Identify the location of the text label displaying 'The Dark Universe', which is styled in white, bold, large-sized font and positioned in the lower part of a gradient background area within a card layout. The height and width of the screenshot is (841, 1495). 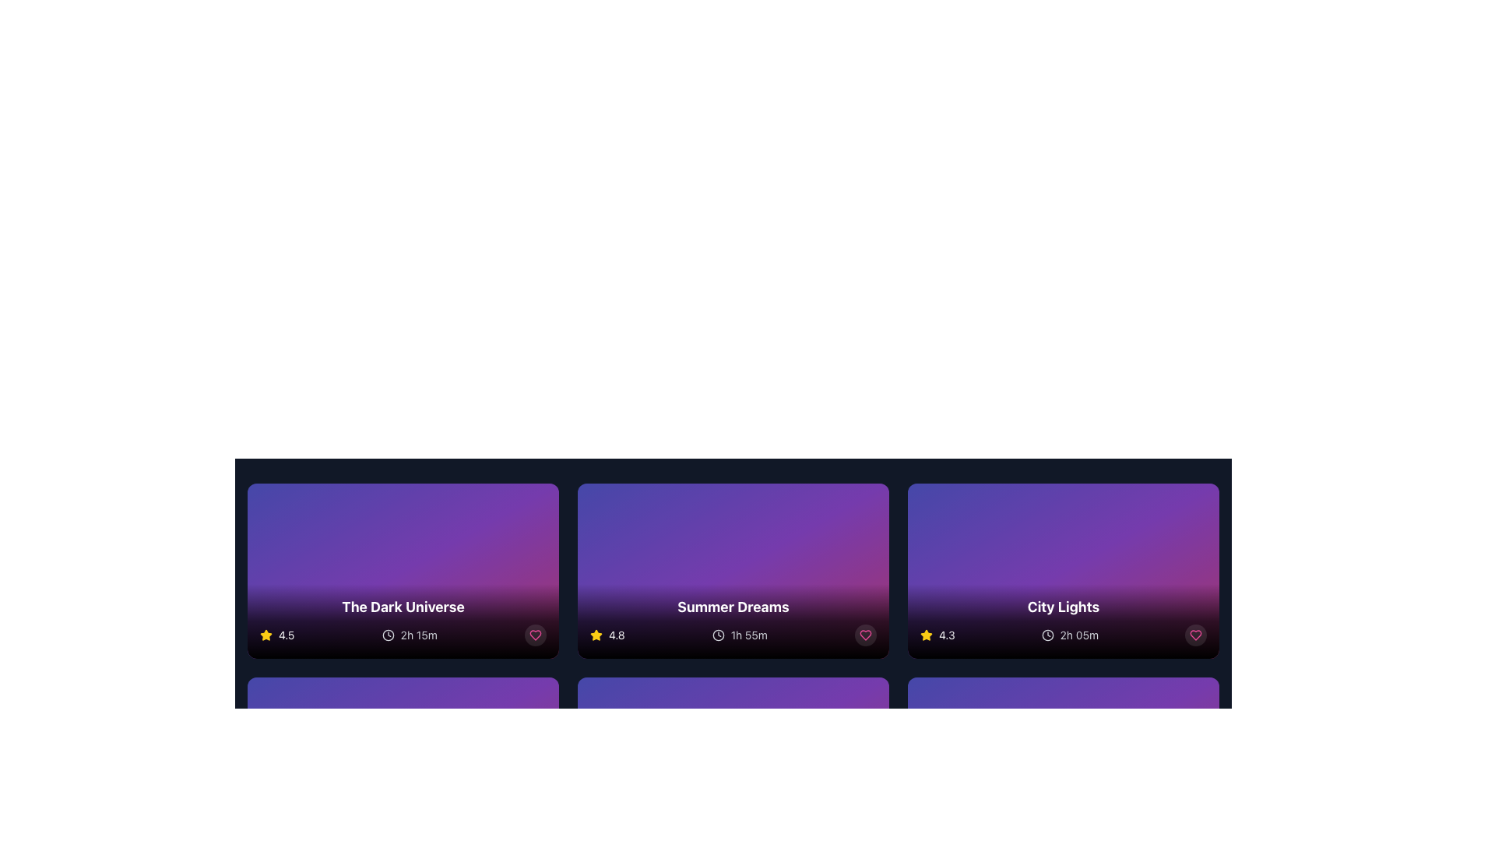
(403, 606).